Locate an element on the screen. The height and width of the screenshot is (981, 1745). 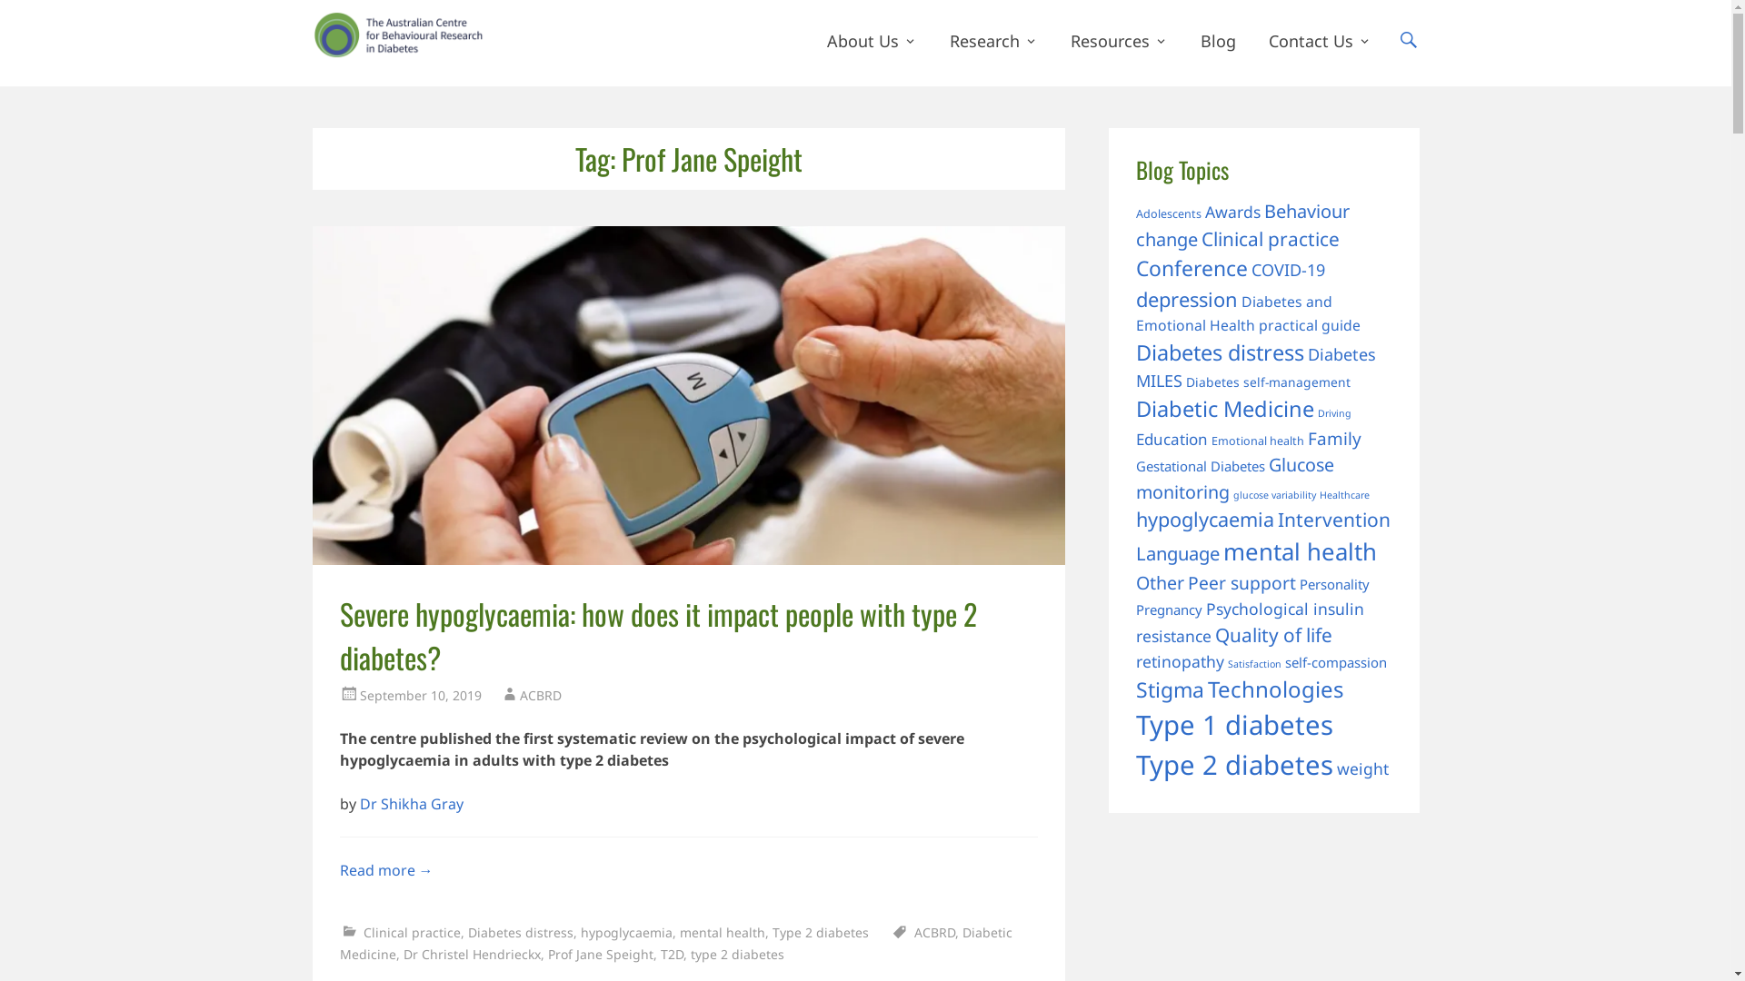
'September 10, 2019' is located at coordinates (419, 695).